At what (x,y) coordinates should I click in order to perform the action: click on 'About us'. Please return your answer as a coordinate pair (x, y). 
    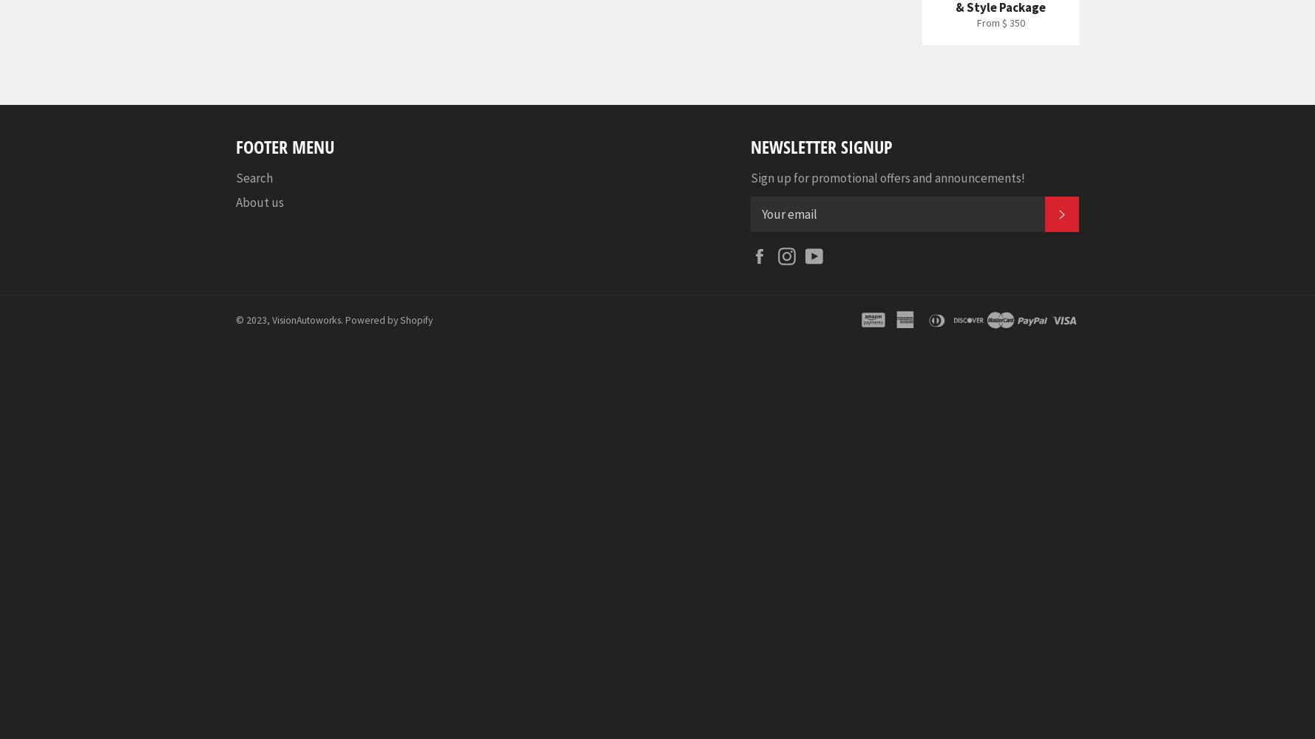
    Looking at the image, I should click on (259, 202).